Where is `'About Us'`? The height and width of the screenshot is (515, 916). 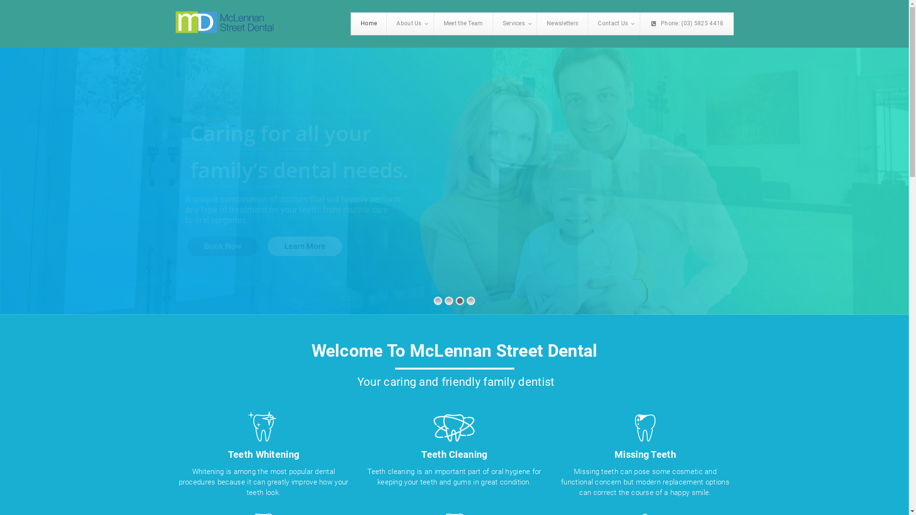
'About Us' is located at coordinates (410, 23).